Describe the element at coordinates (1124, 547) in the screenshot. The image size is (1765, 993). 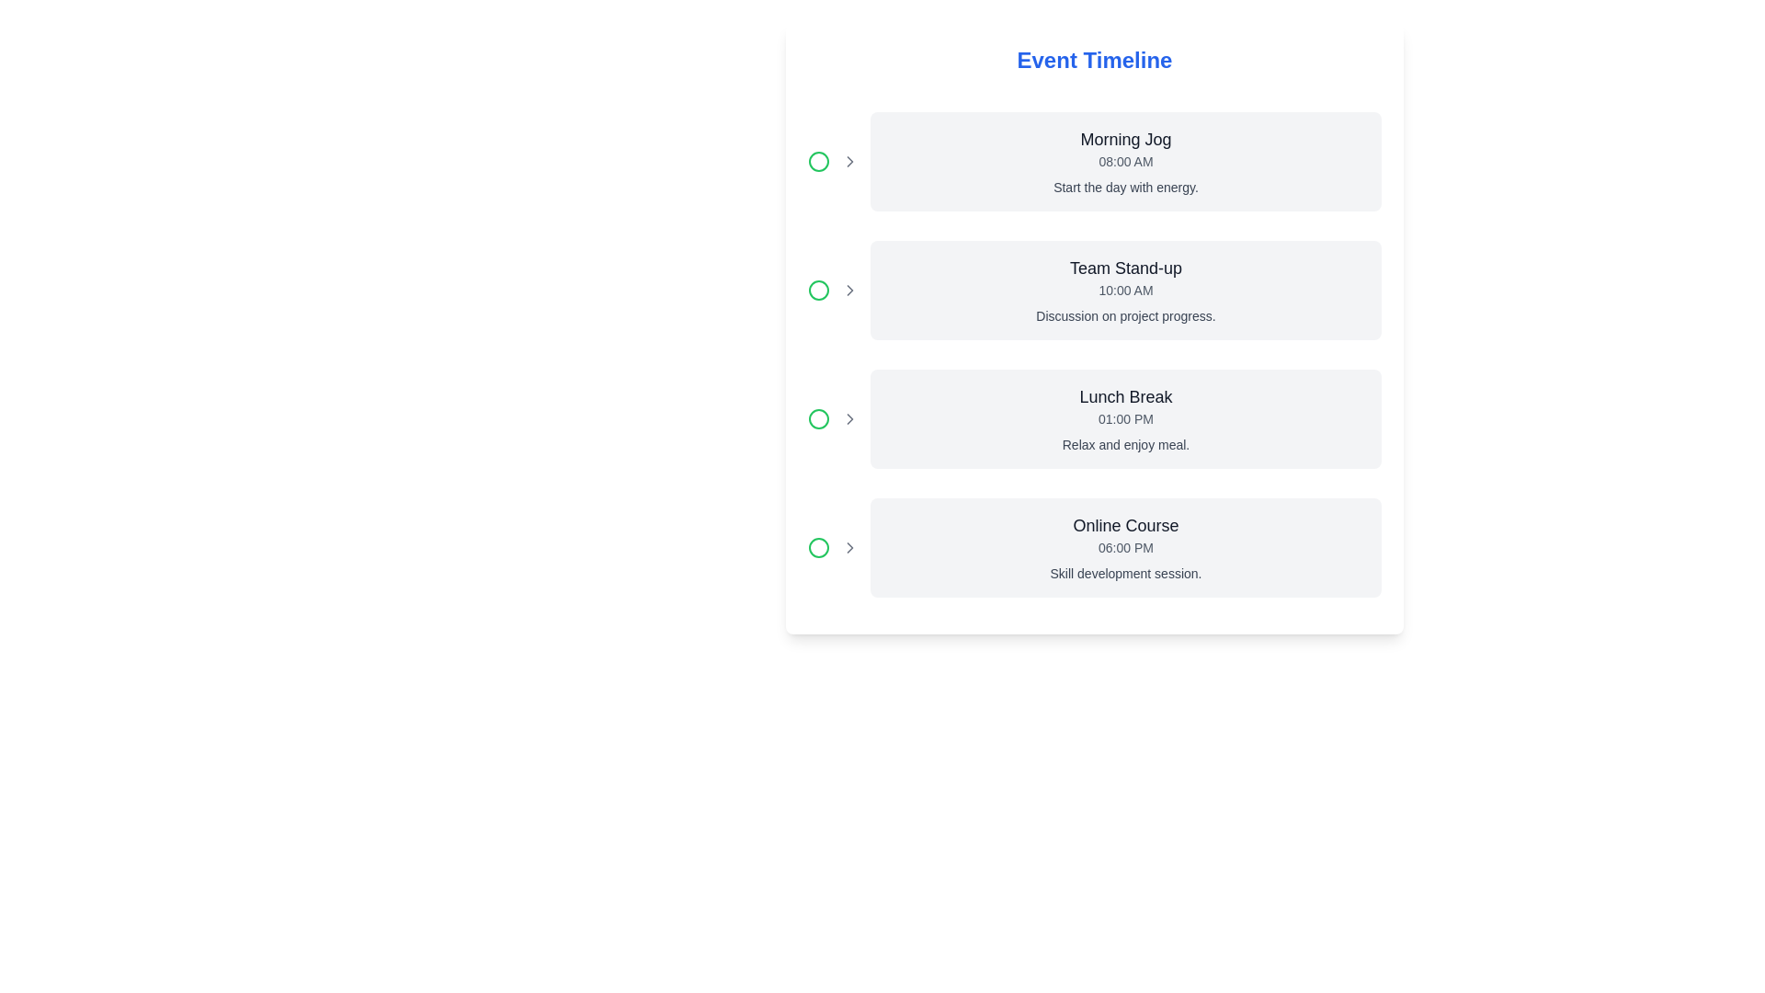
I see `the static text label displaying '06:00 PM', which is positioned between the title 'Online Course' and the description 'Skill development session.'` at that location.